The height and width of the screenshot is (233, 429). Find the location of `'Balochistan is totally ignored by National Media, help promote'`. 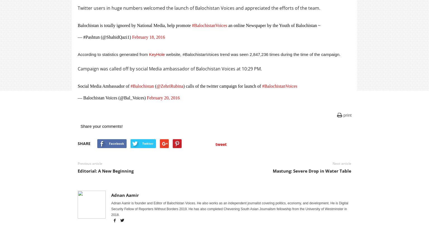

'Balochistan is totally ignored by National Media, help promote' is located at coordinates (134, 25).